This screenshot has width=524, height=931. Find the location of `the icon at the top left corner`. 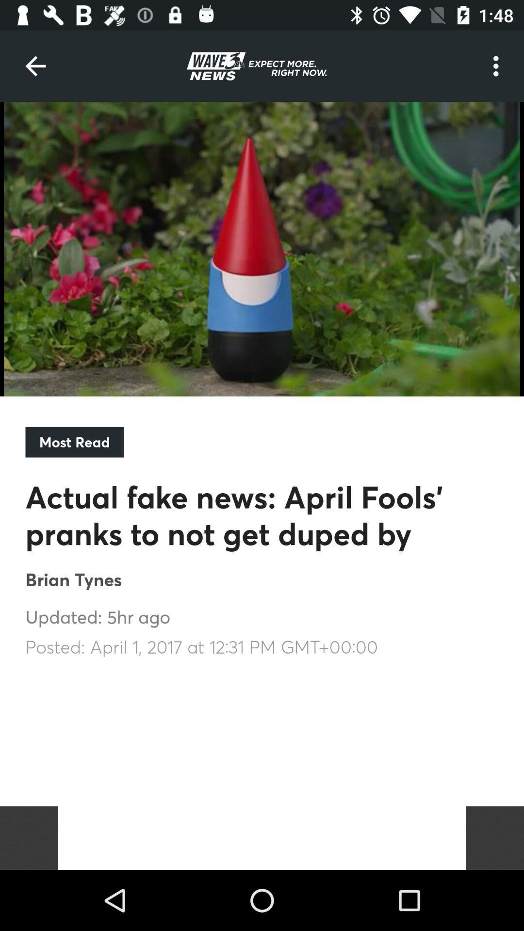

the icon at the top left corner is located at coordinates (35, 65).